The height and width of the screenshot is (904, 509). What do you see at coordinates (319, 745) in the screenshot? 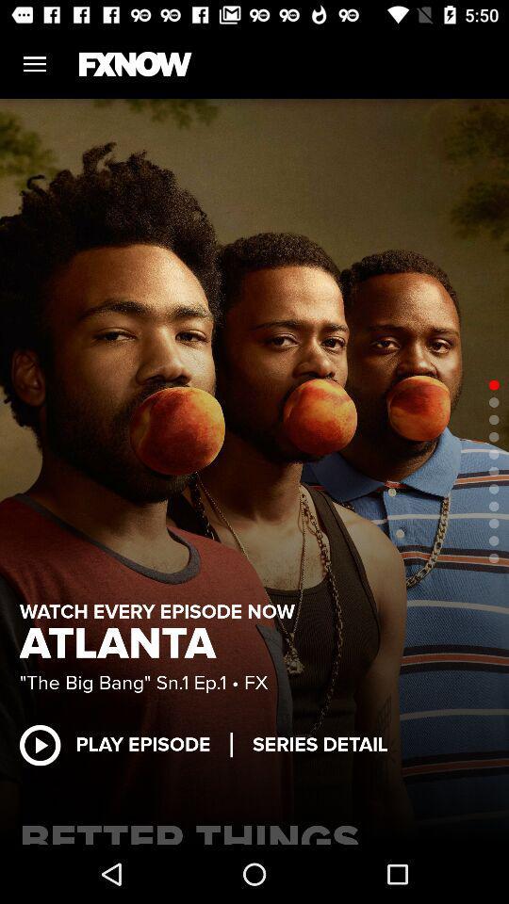
I see `series detail` at bounding box center [319, 745].